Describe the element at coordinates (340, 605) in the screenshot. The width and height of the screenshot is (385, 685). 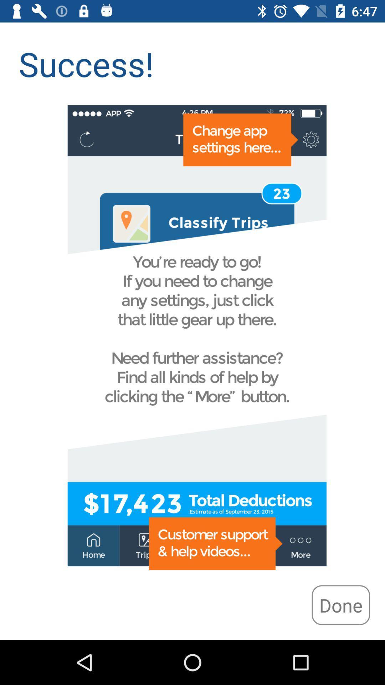
I see `the icon at the bottom right corner` at that location.